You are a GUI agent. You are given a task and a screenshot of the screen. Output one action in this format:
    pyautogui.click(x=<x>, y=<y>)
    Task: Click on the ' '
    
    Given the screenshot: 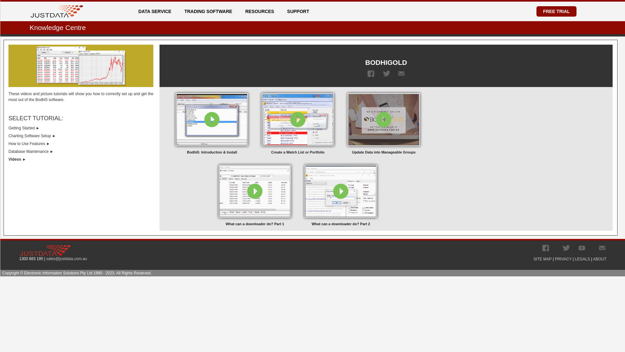 What is the action you would take?
    pyautogui.click(x=582, y=248)
    